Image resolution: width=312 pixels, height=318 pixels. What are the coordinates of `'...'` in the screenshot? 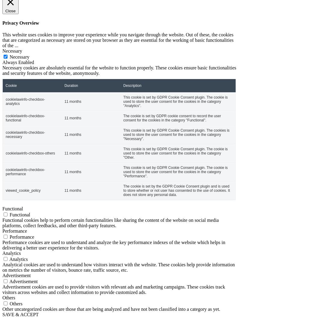 It's located at (16, 45).